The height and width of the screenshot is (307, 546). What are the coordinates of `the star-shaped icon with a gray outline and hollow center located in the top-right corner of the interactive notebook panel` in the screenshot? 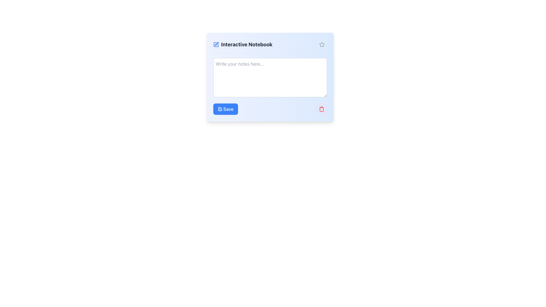 It's located at (322, 44).